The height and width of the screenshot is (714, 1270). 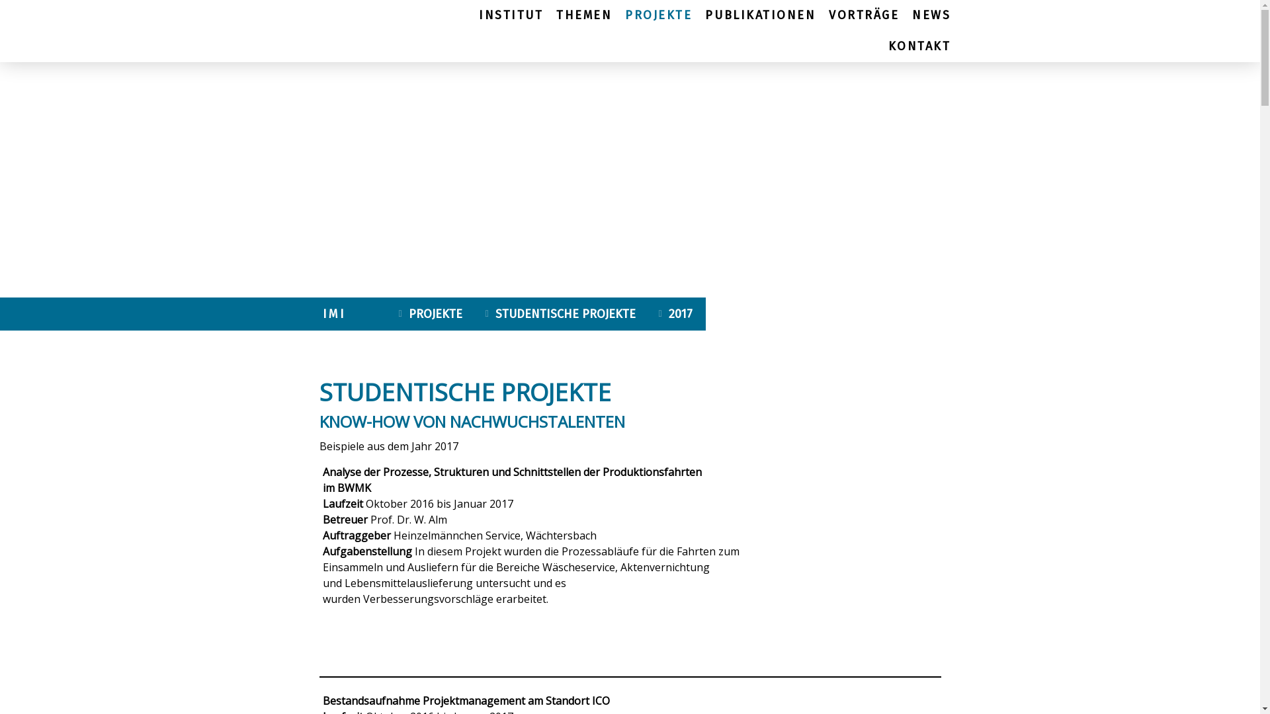 What do you see at coordinates (930, 15) in the screenshot?
I see `'NEWS'` at bounding box center [930, 15].